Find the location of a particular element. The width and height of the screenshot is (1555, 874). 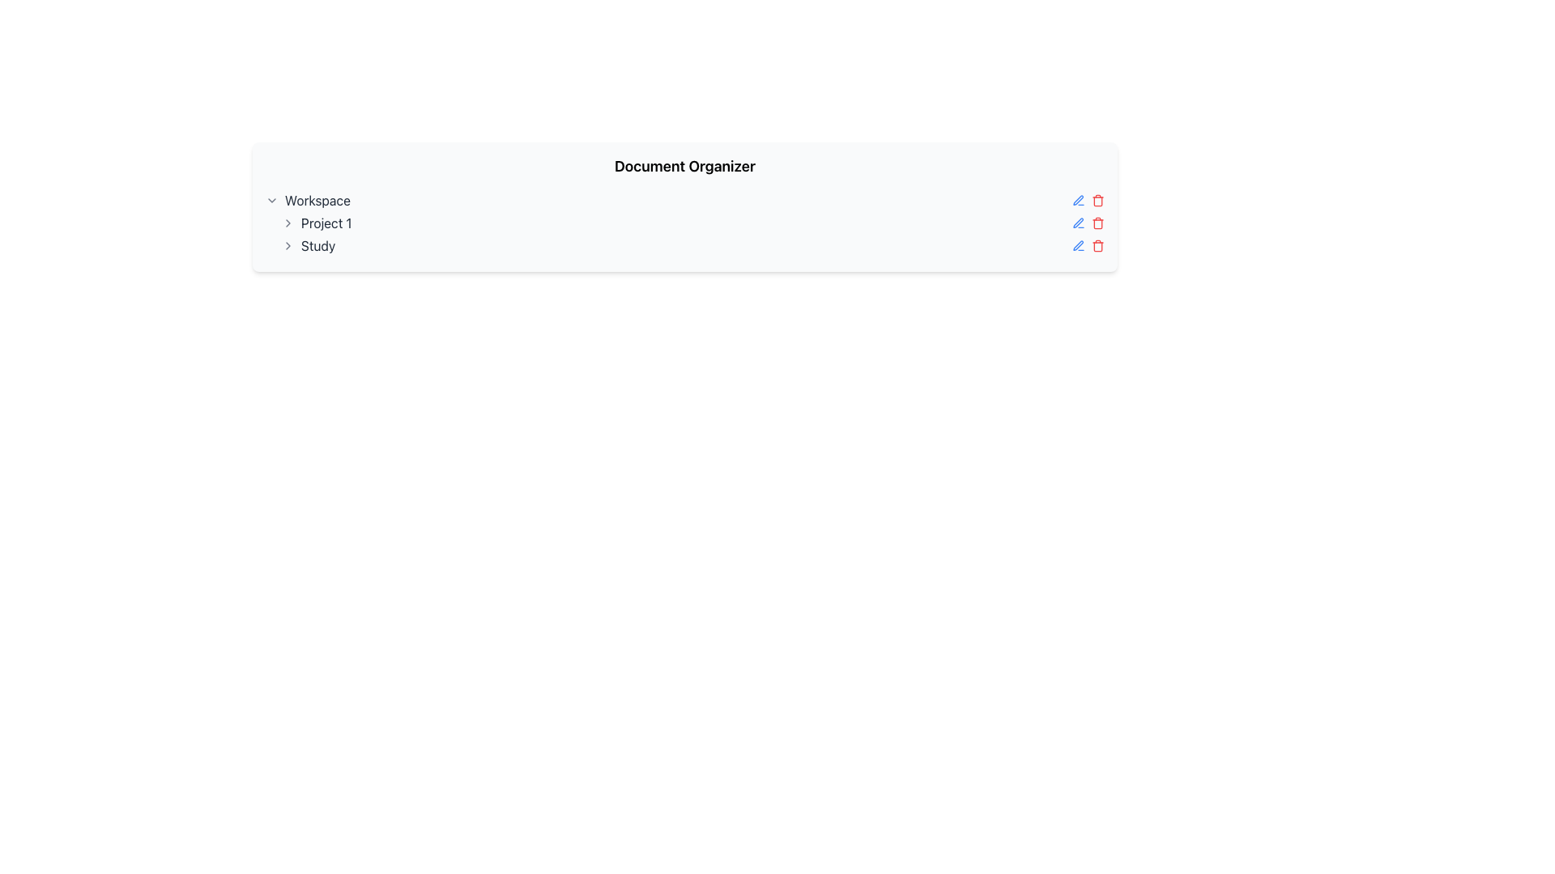

the pen icon styled with a blue outline located at the top-right corner of the list item for editing is located at coordinates (1078, 223).